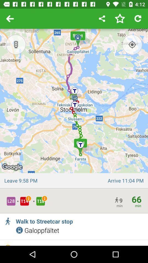  I want to click on as favorite, so click(119, 19).